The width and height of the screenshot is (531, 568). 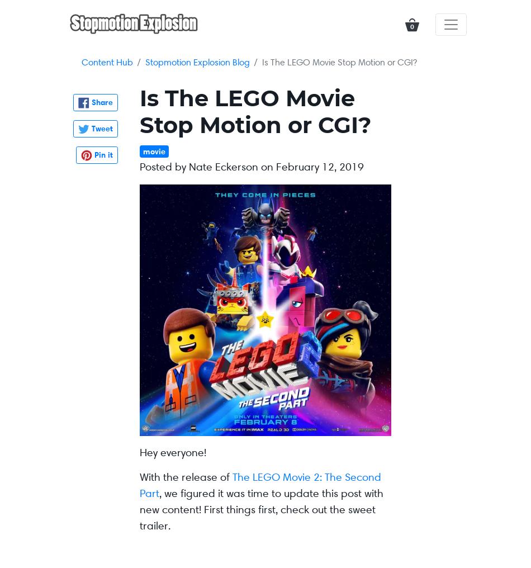 What do you see at coordinates (91, 101) in the screenshot?
I see `'Share'` at bounding box center [91, 101].